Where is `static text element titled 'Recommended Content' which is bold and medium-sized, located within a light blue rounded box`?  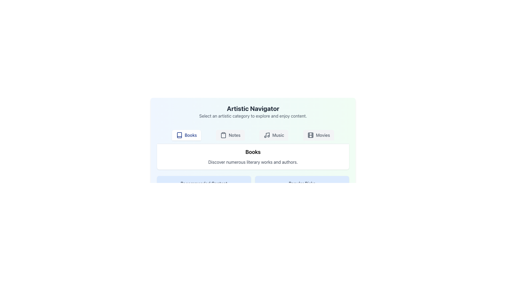 static text element titled 'Recommended Content' which is bold and medium-sized, located within a light blue rounded box is located at coordinates (203, 183).